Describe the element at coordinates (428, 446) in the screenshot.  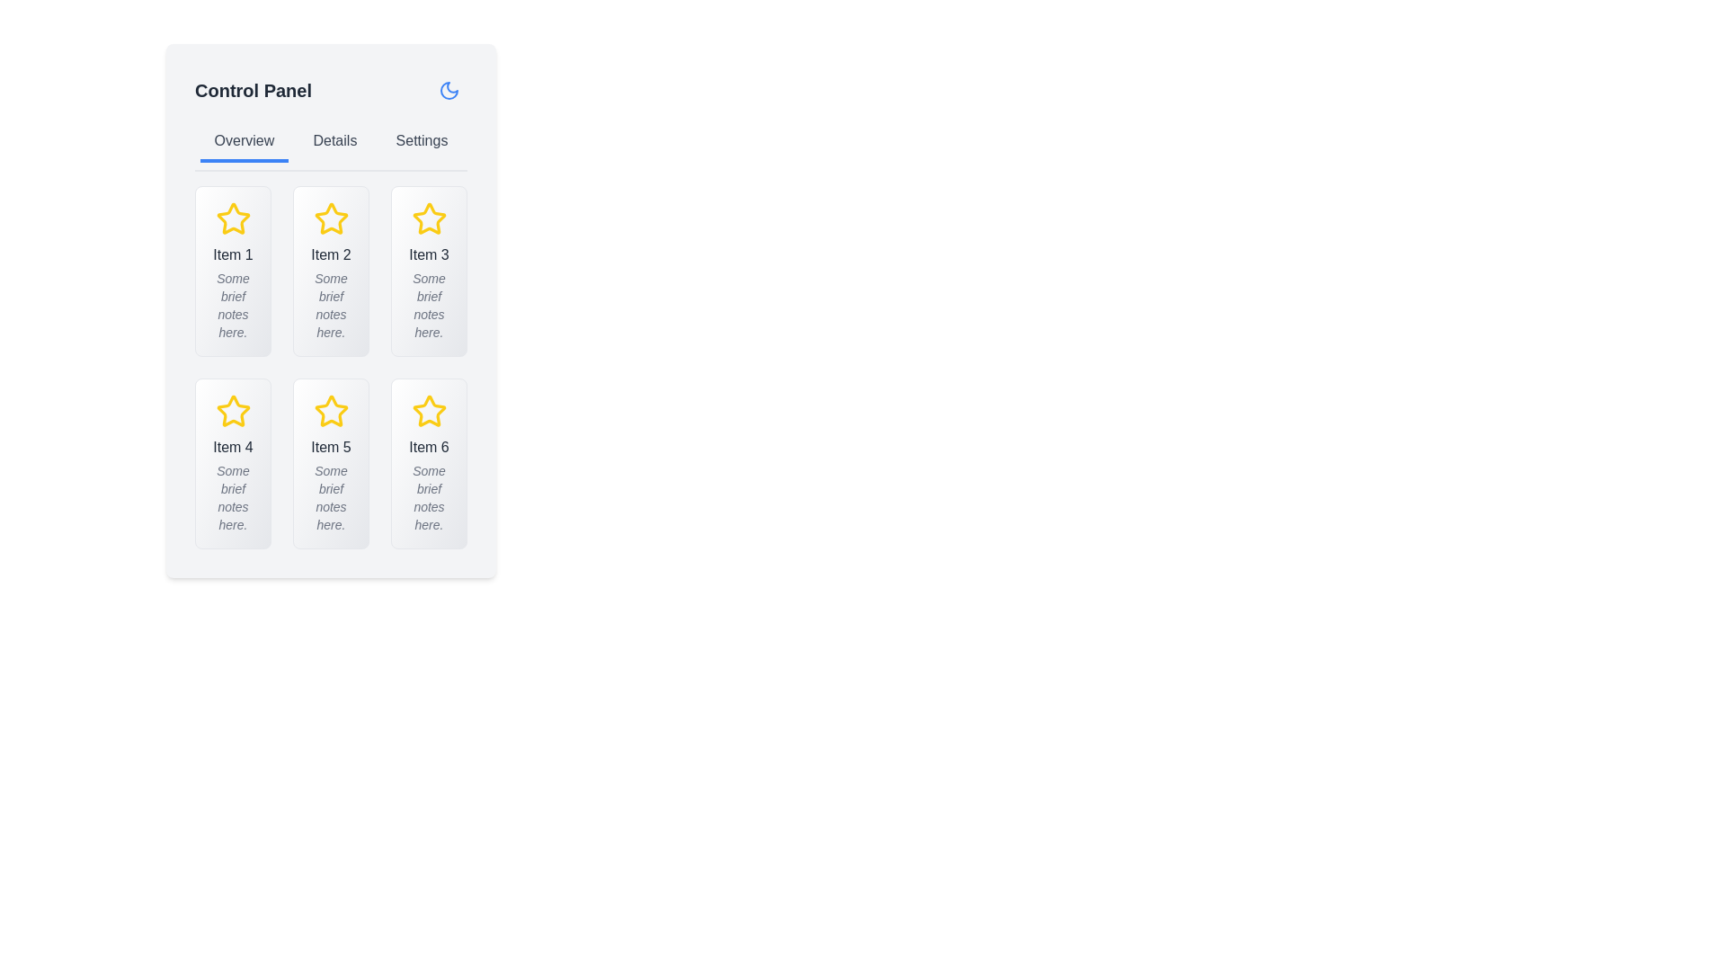
I see `the text label displaying 'Item 6' in bold, dark gray font located in the lower section of the sixth card in a six-card grid layout` at that location.